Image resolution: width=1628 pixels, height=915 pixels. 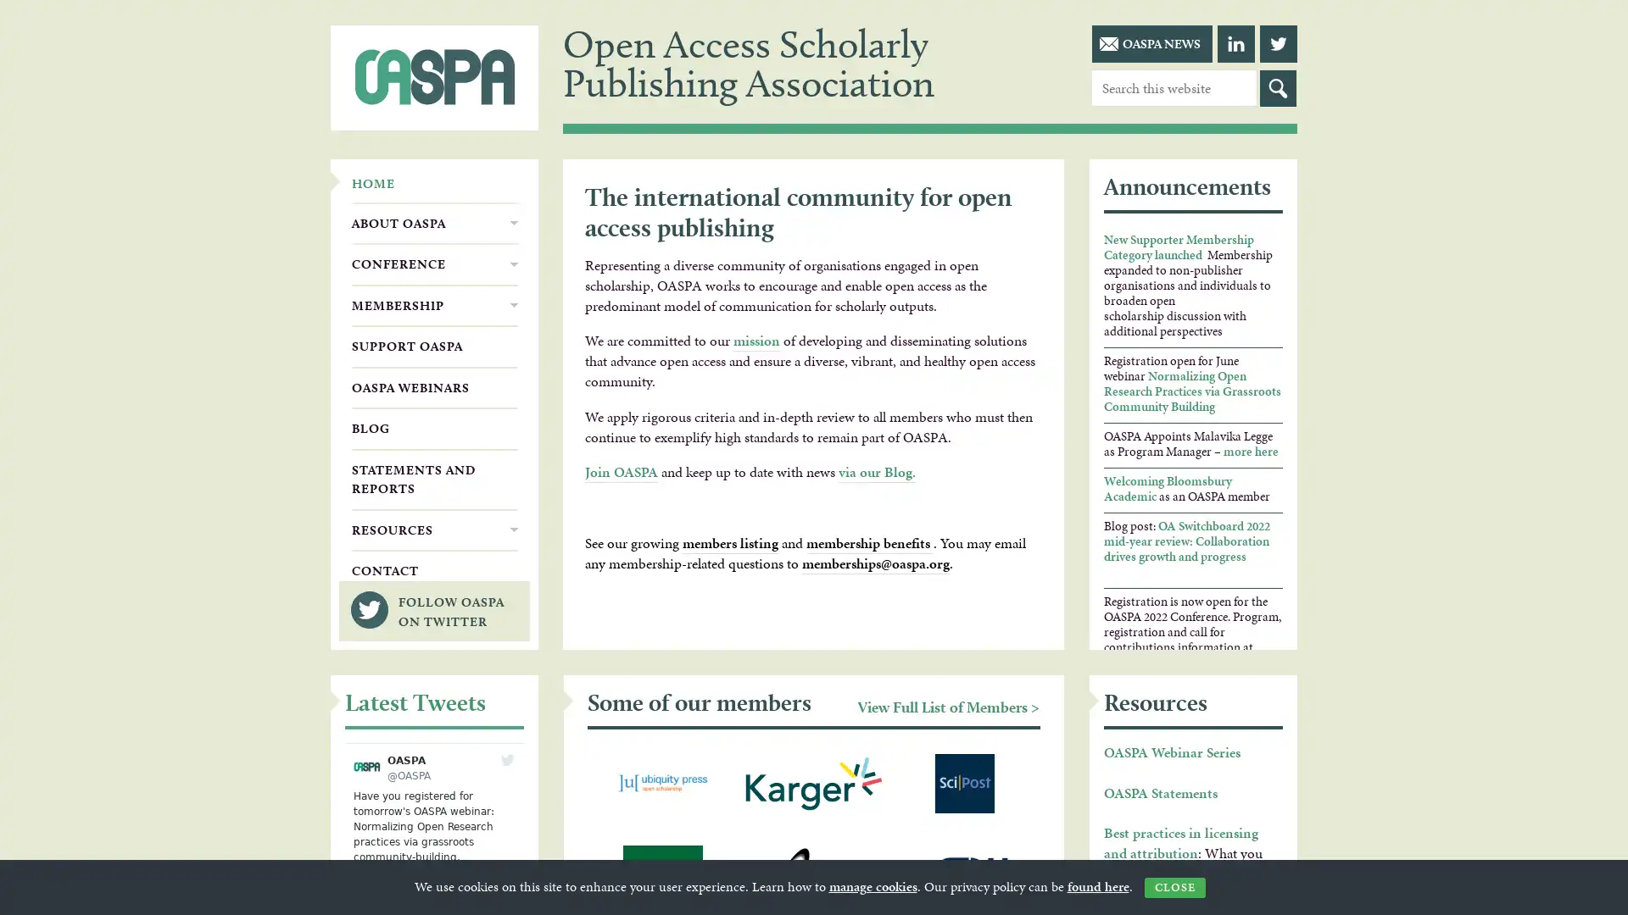 What do you see at coordinates (1174, 887) in the screenshot?
I see `CLOSE` at bounding box center [1174, 887].